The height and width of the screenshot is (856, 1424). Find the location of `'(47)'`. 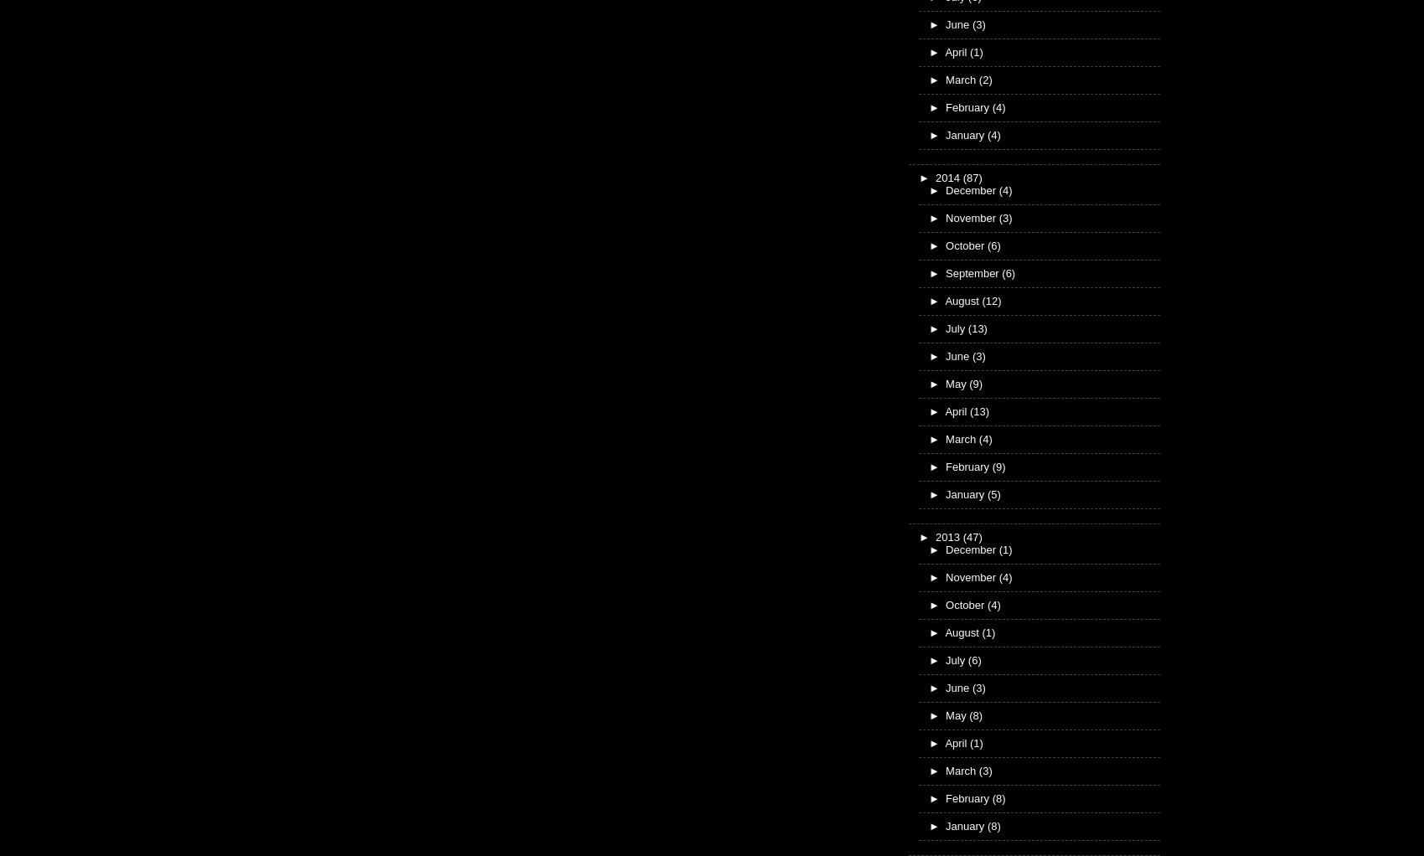

'(47)' is located at coordinates (972, 536).